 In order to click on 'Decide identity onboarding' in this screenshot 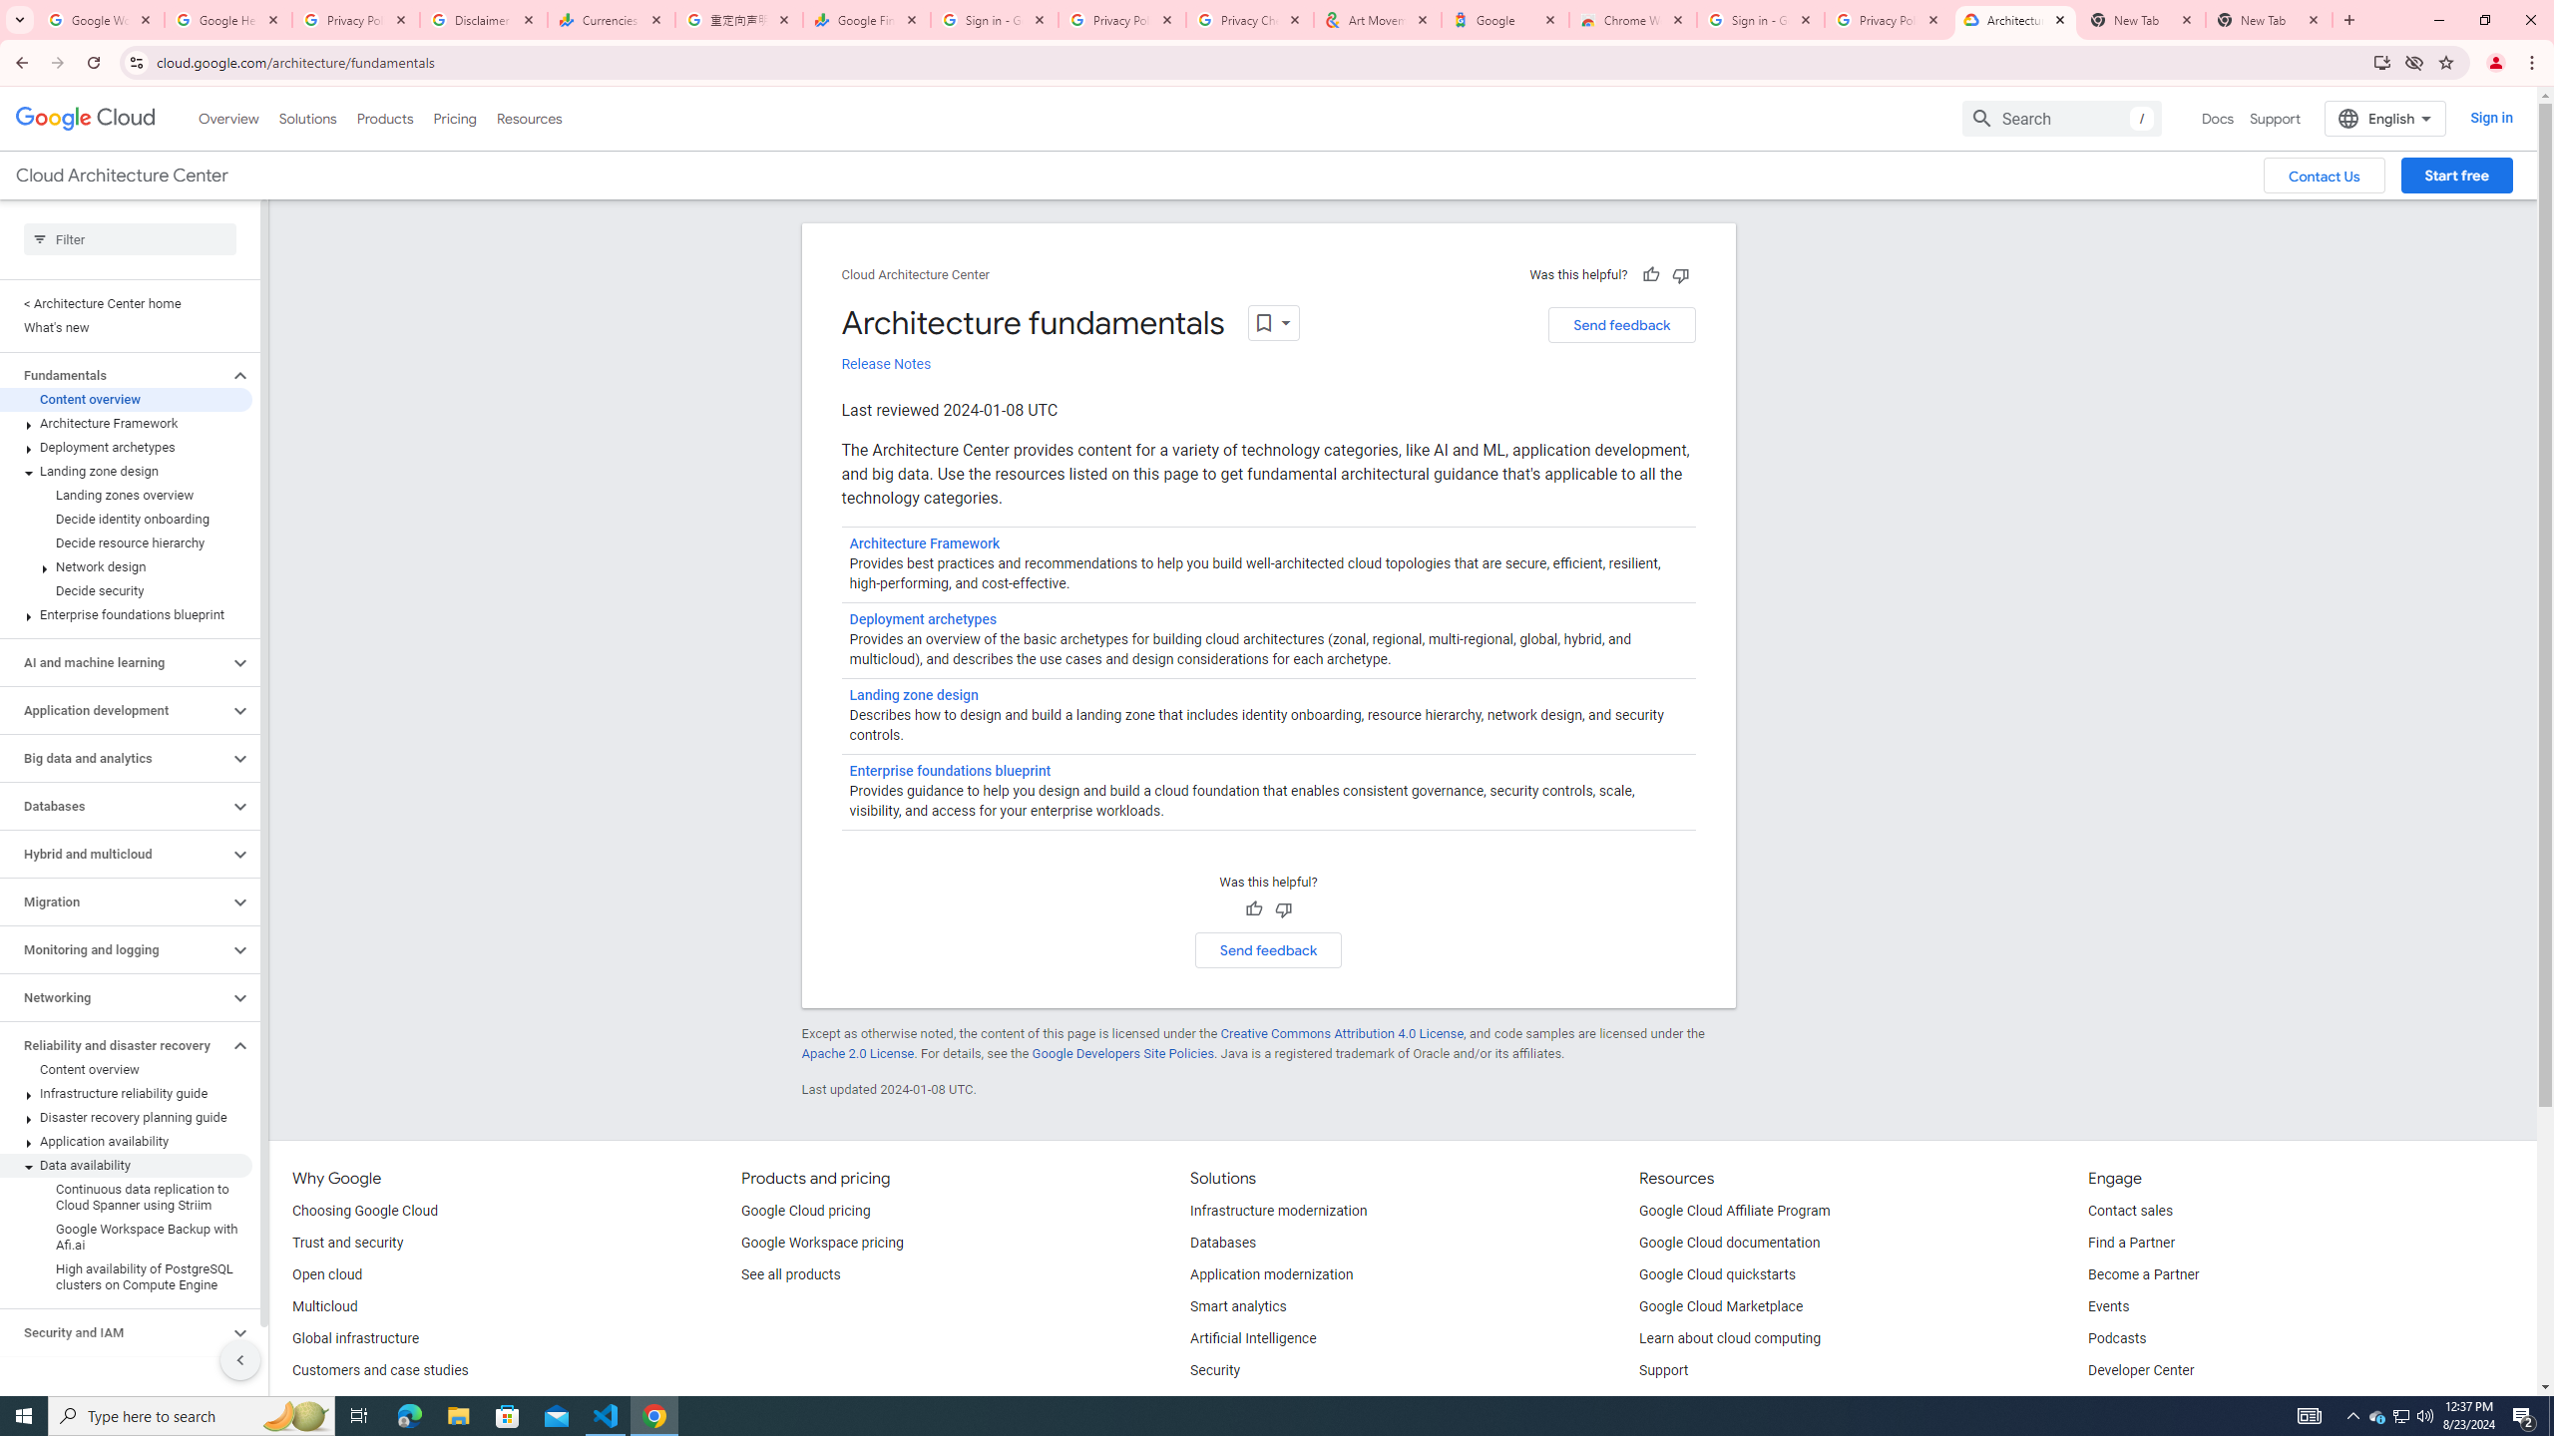, I will do `click(126, 519)`.